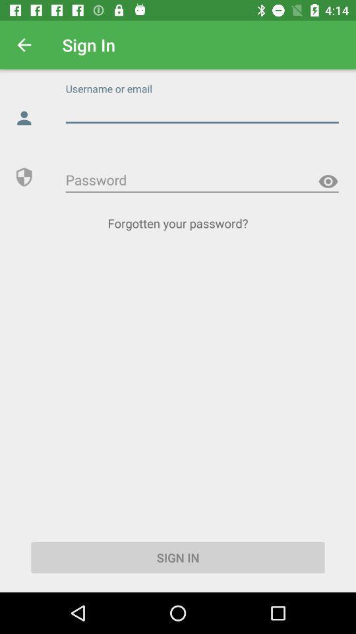  I want to click on e-mail address, so click(202, 110).